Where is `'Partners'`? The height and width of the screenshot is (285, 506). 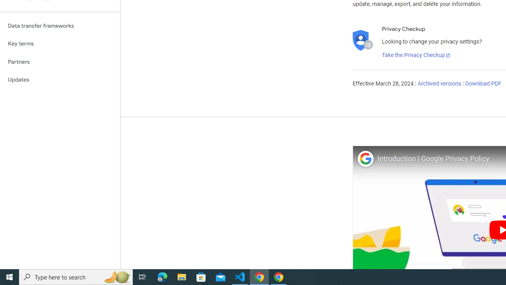 'Partners' is located at coordinates (60, 61).